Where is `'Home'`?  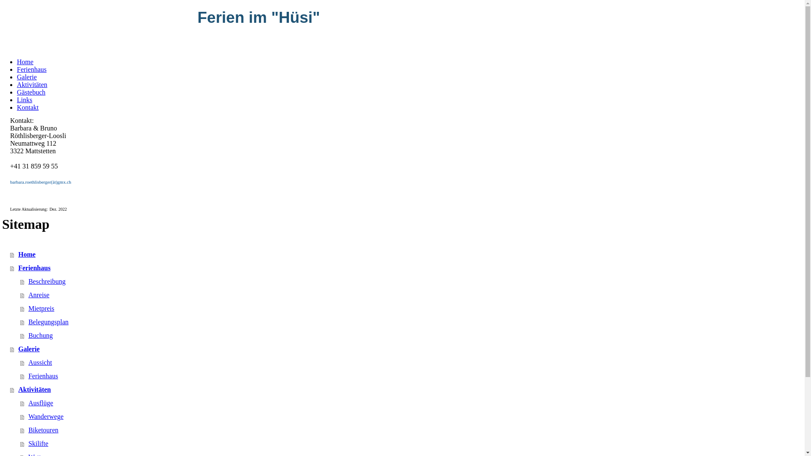
'Home' is located at coordinates (10, 254).